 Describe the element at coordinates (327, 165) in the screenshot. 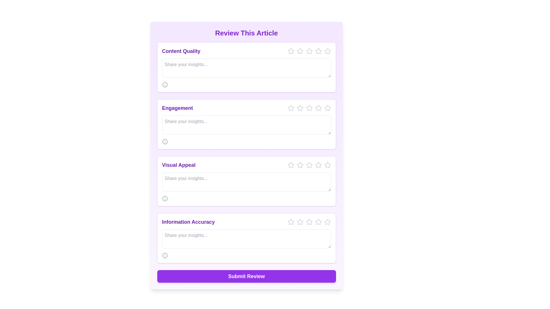

I see `the fifth star icon in the row of five star icons at the top right of the 'Visual Appeal' section to set the rating` at that location.